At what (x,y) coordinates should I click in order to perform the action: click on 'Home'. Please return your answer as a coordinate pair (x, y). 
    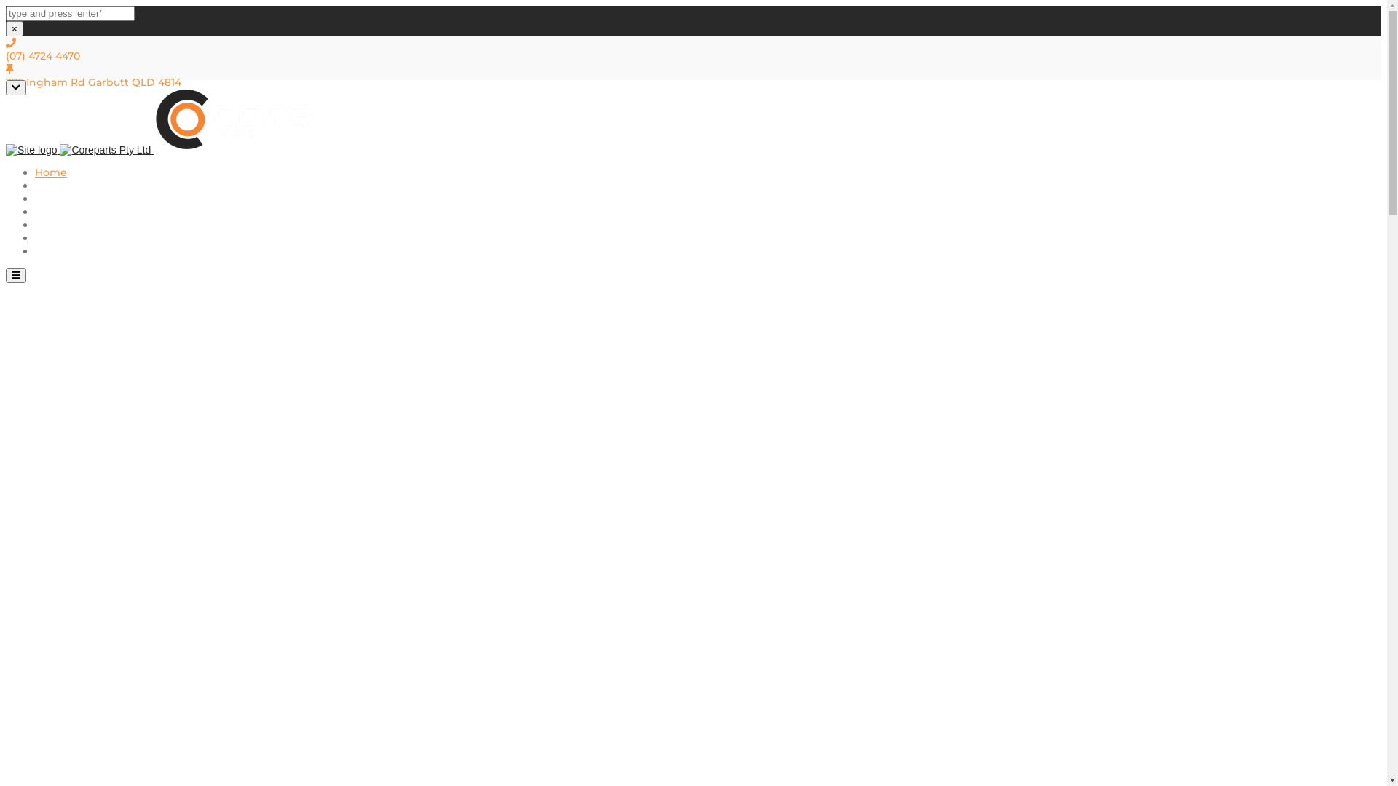
    Looking at the image, I should click on (51, 171).